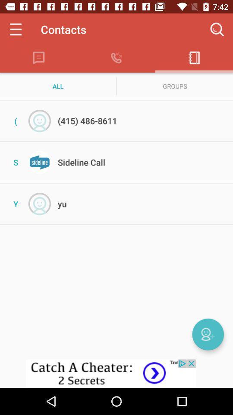  Describe the element at coordinates (116, 373) in the screenshot. I see `catch a cheater more` at that location.